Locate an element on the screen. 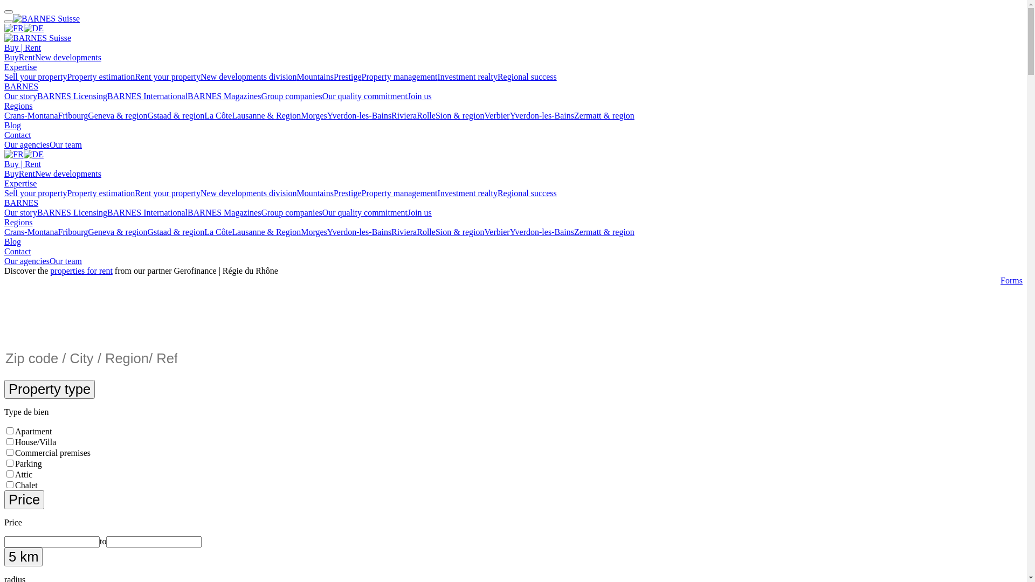 Image resolution: width=1035 pixels, height=582 pixels. 'BARNES Suisse' is located at coordinates (46, 18).